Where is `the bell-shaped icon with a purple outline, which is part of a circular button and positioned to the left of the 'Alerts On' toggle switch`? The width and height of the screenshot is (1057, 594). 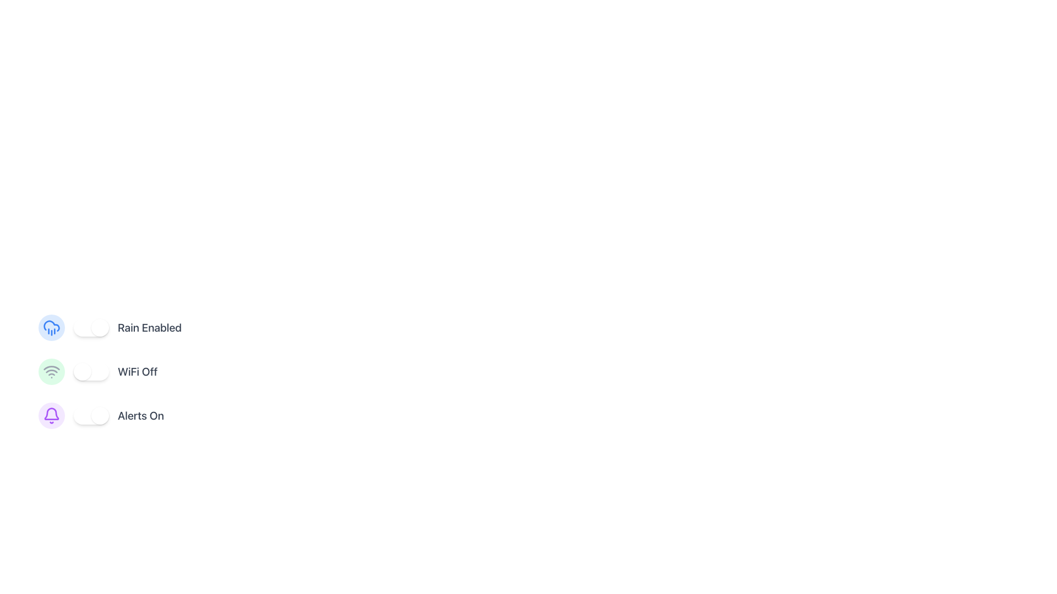 the bell-shaped icon with a purple outline, which is part of a circular button and positioned to the left of the 'Alerts On' toggle switch is located at coordinates (51, 416).